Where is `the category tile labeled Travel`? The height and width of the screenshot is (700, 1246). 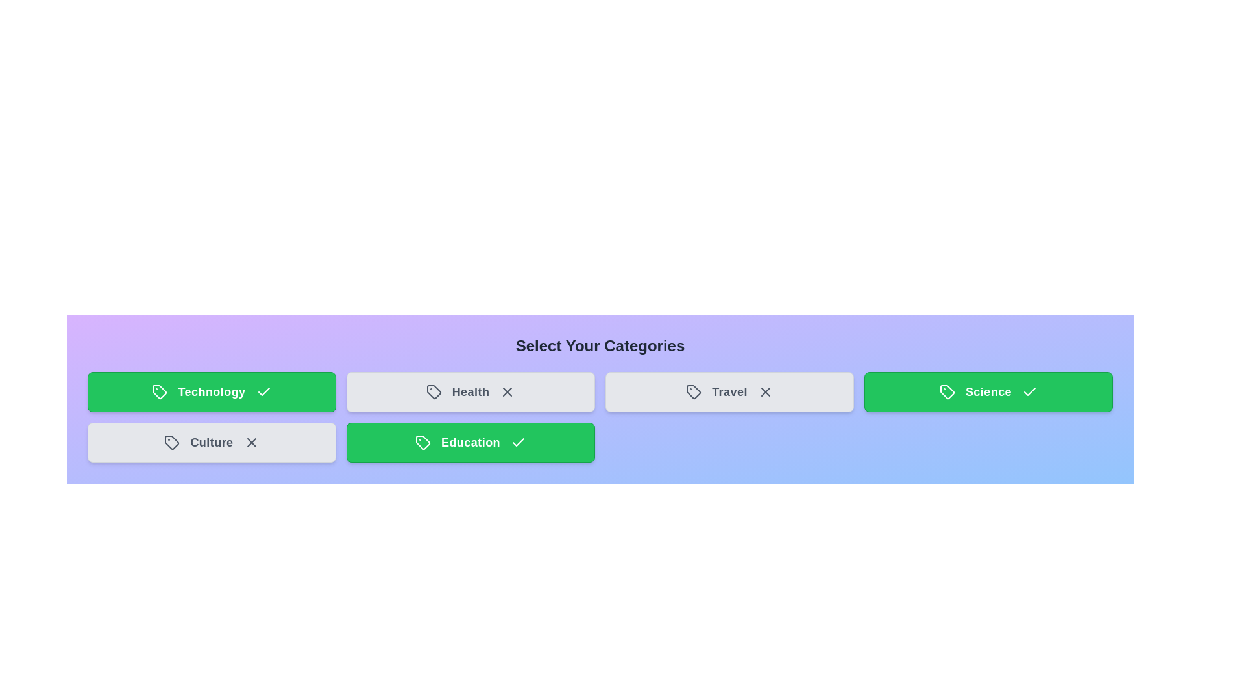
the category tile labeled Travel is located at coordinates (729, 391).